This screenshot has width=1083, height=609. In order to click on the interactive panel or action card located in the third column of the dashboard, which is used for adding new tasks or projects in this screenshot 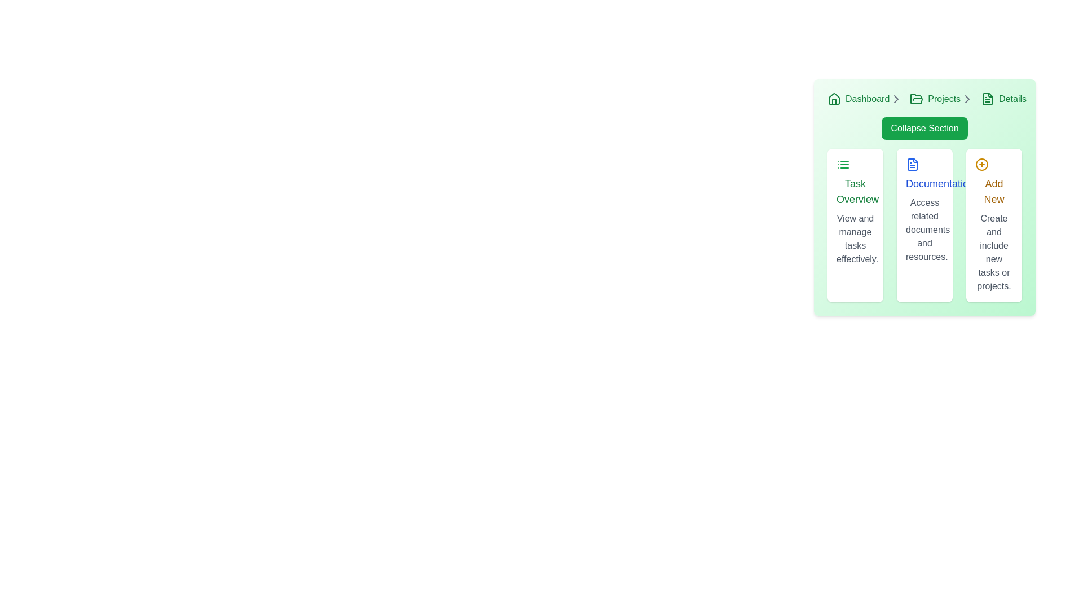, I will do `click(994, 226)`.